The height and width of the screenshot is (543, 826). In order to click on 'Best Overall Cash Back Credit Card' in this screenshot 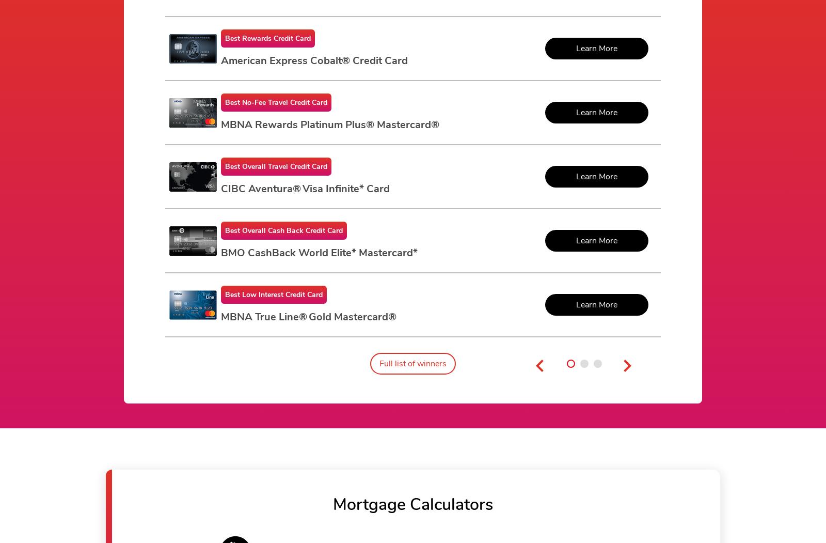, I will do `click(283, 230)`.